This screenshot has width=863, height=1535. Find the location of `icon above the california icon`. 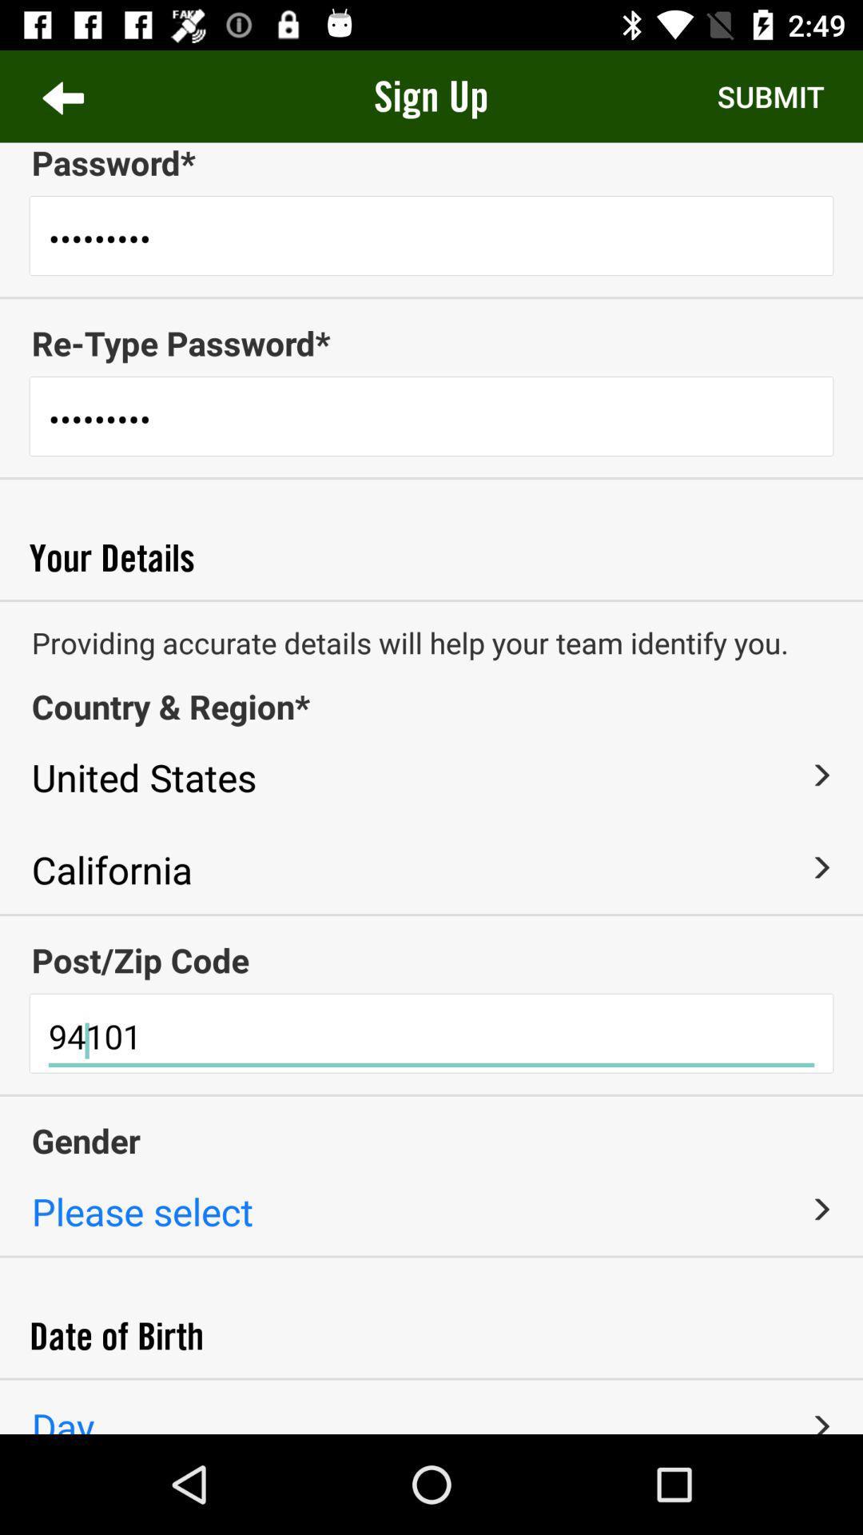

icon above the california icon is located at coordinates (416, 775).